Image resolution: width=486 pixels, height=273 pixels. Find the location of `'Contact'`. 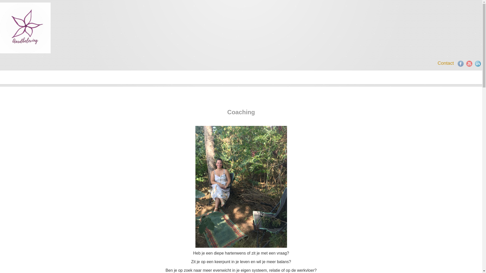

'Contact' is located at coordinates (446, 63).